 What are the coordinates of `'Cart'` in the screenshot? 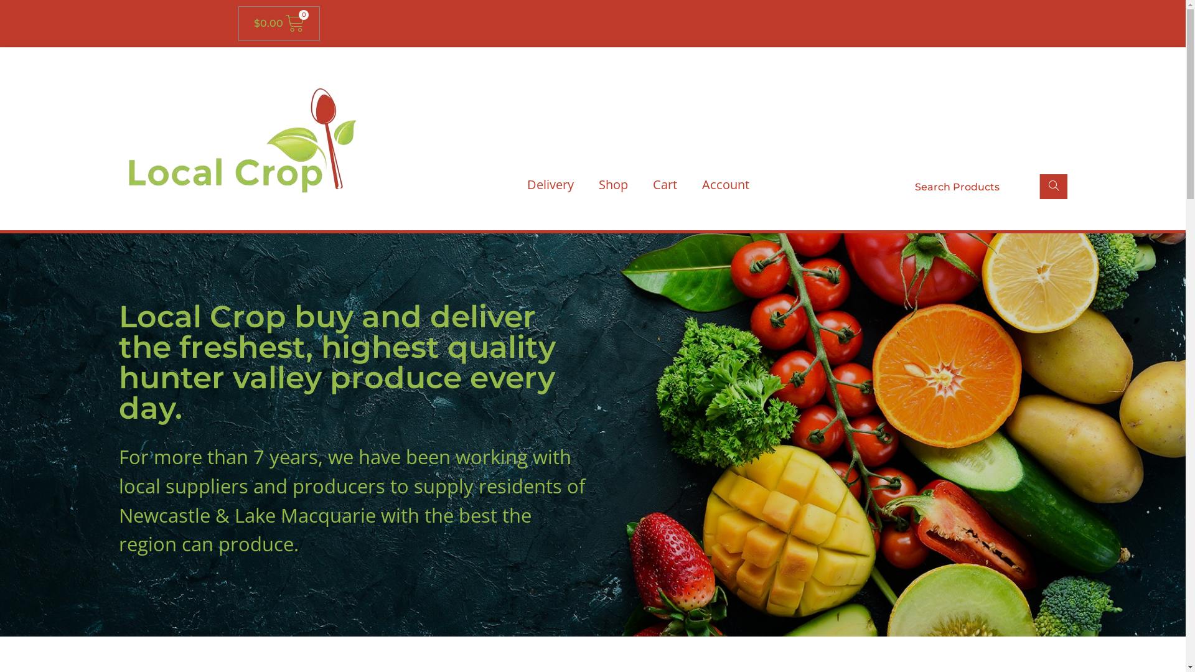 It's located at (663, 185).